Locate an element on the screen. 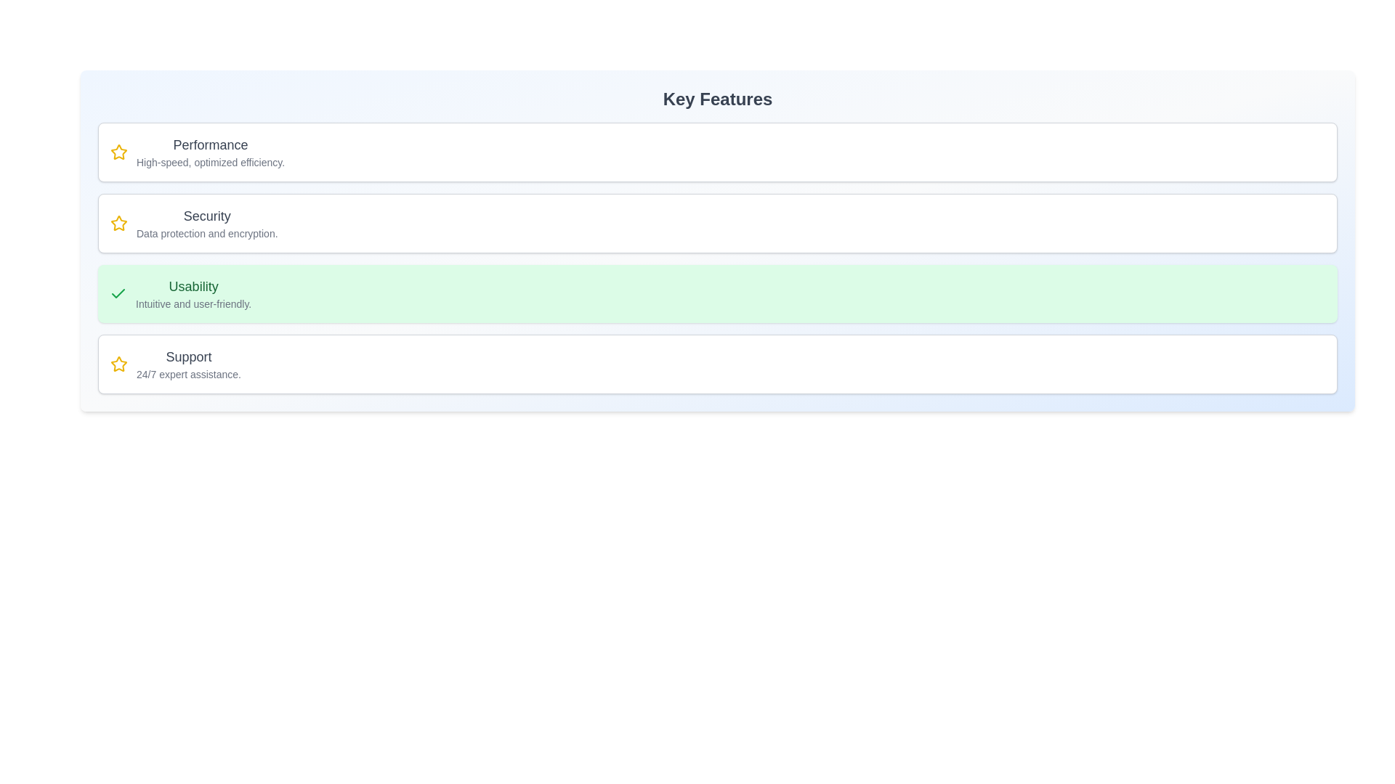 The image size is (1395, 784). the feature card corresponding to Usability to toggle its selection is located at coordinates (718, 294).